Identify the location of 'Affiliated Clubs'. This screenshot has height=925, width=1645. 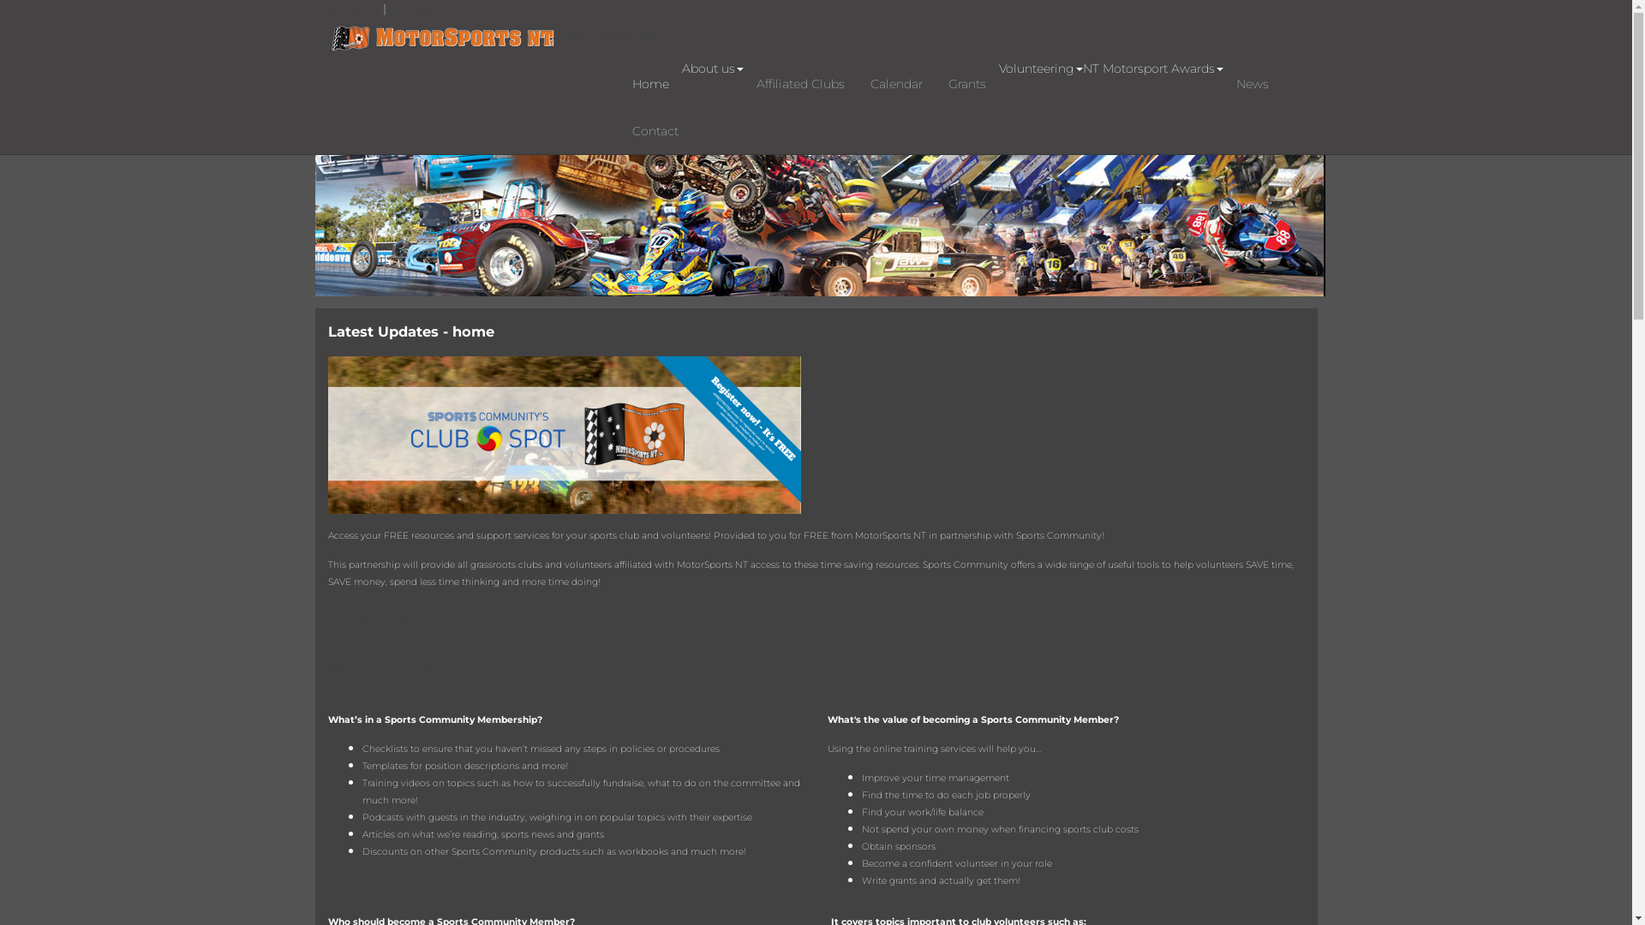
(799, 83).